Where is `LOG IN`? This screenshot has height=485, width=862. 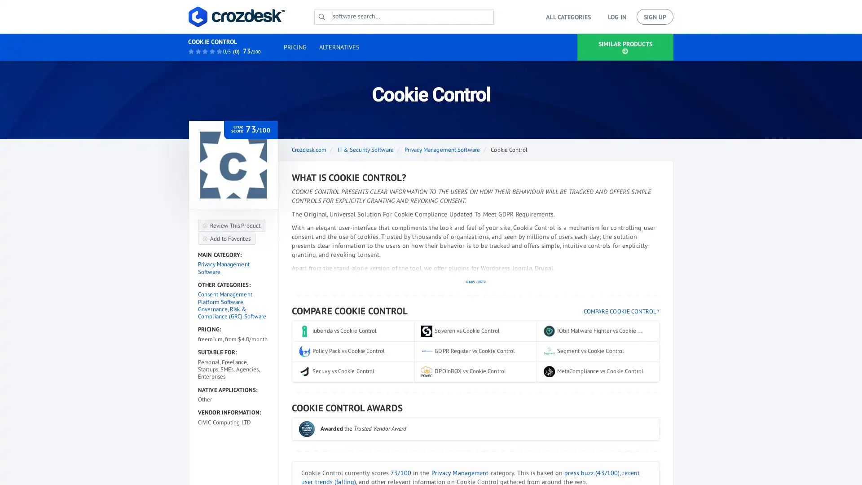
LOG IN is located at coordinates (616, 17).